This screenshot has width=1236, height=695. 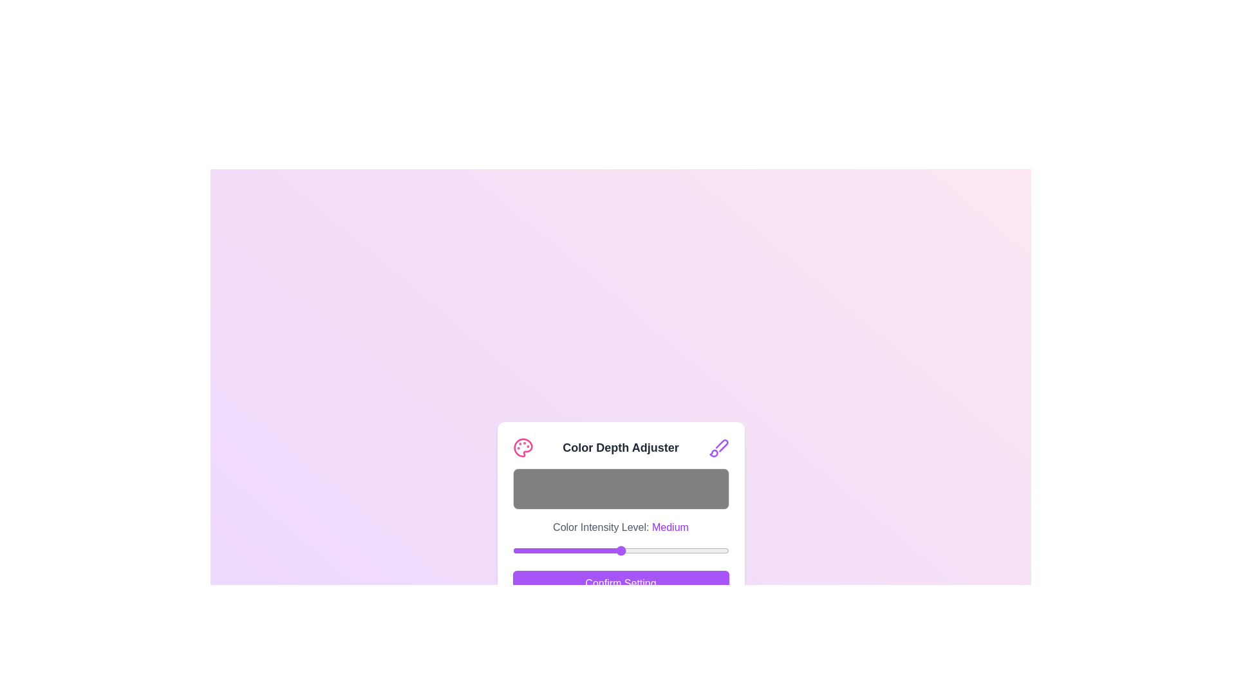 I want to click on the color intensity slider to 235 where 235 is a value between 0 and 255, so click(x=711, y=550).